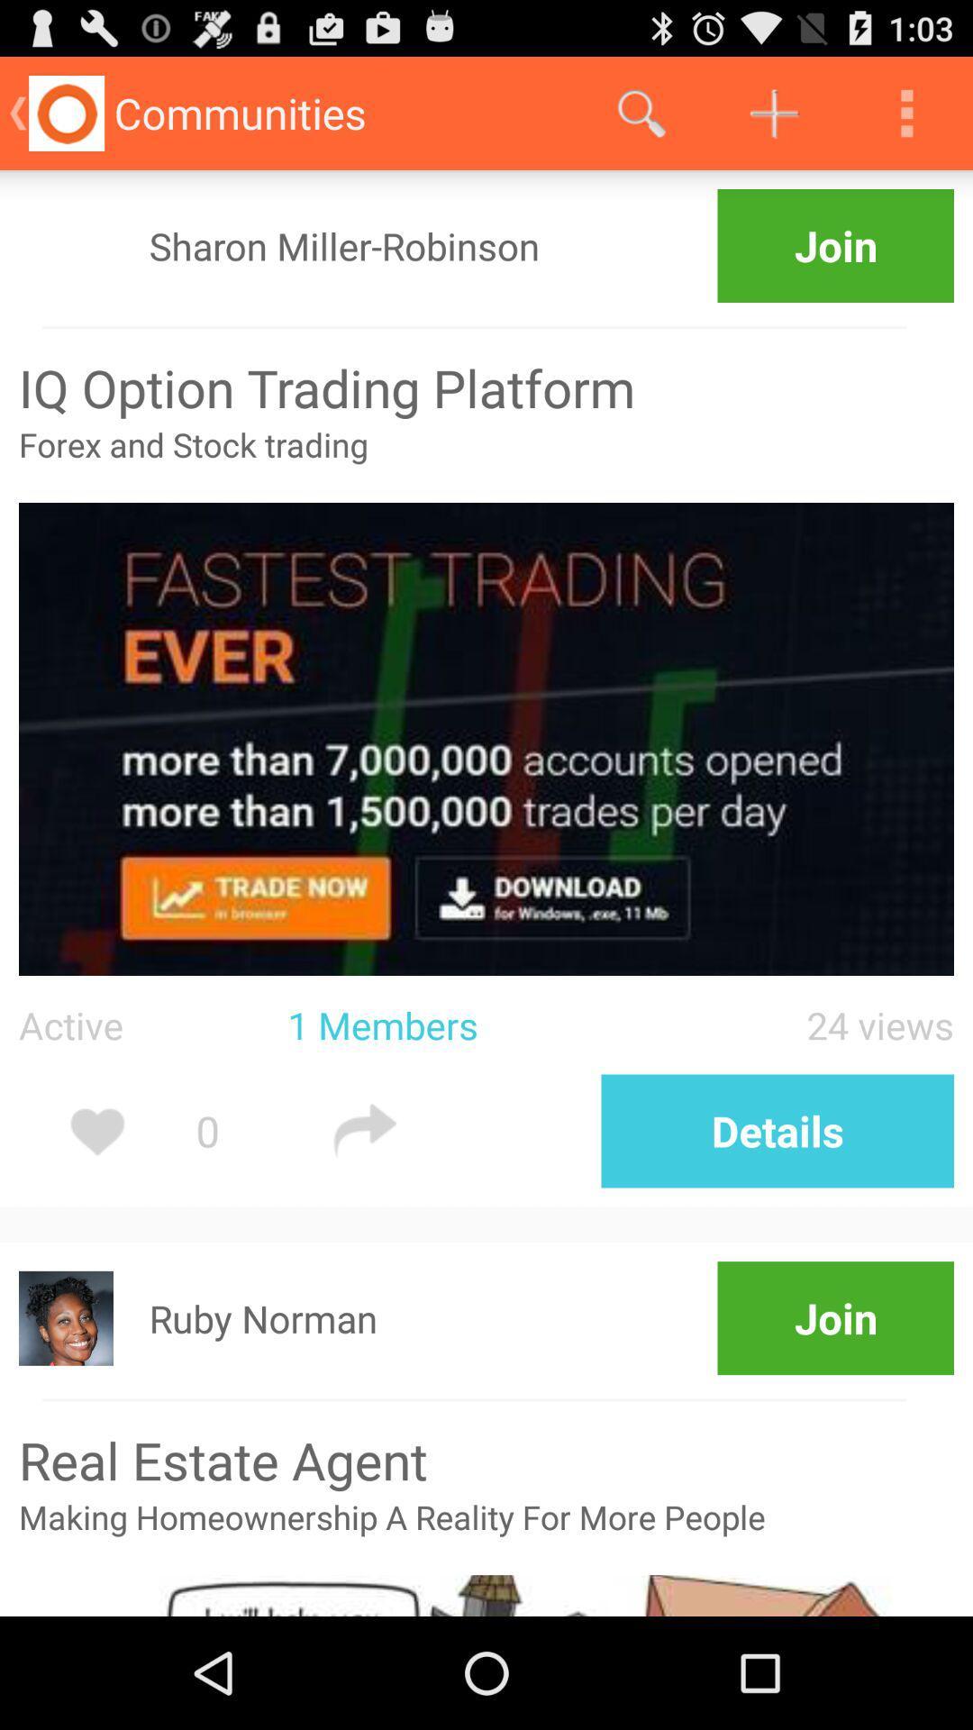  I want to click on app below the real estate agent icon, so click(486, 1534).